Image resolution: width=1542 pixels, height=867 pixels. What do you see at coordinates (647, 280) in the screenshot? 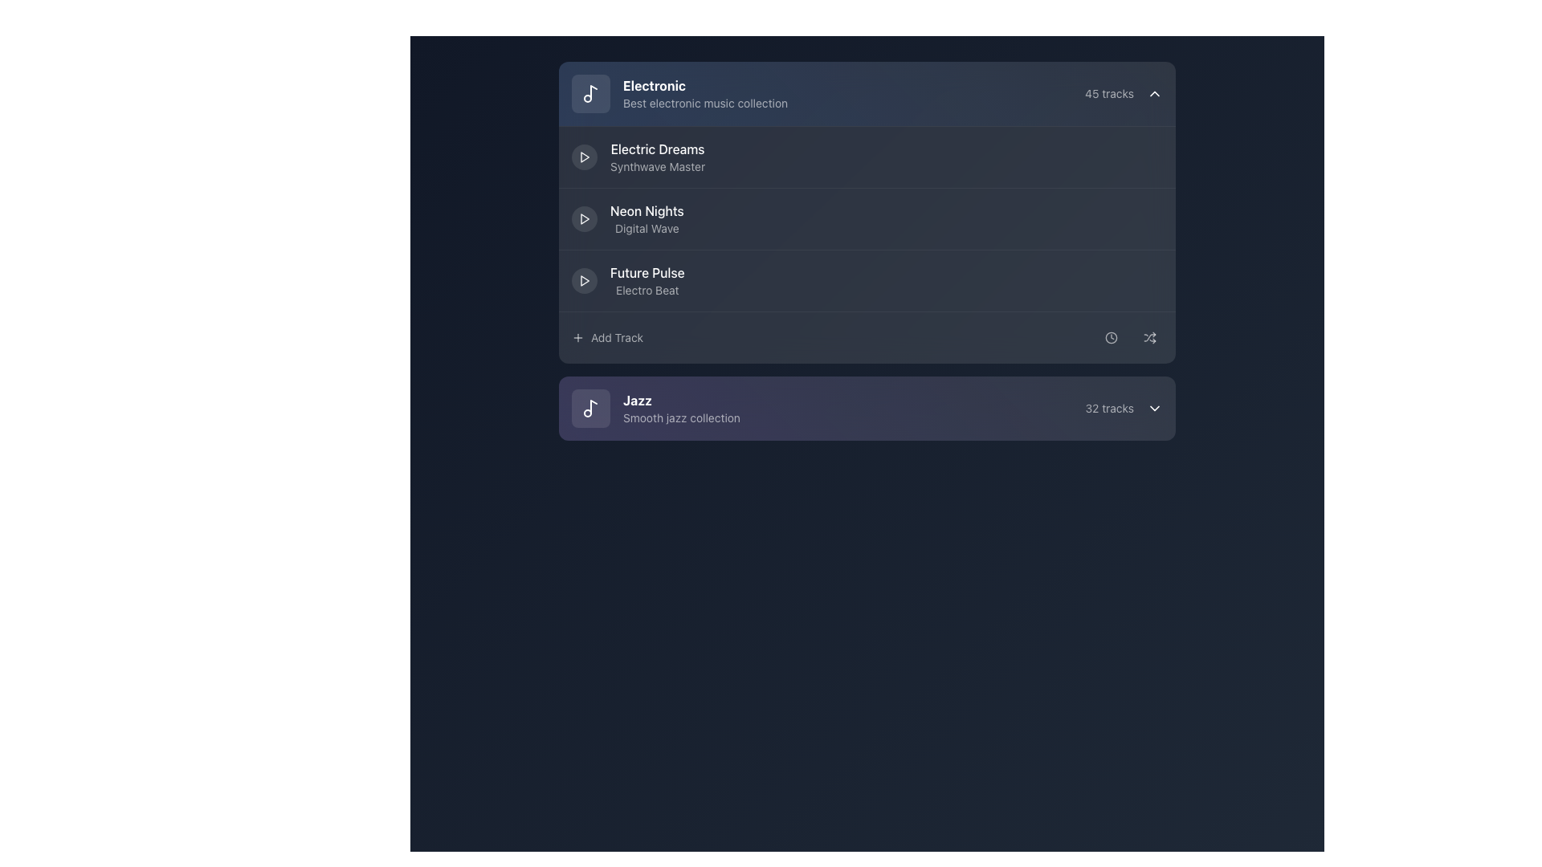
I see `the 'Future Pulse' text label in the 'Electronic' section` at bounding box center [647, 280].